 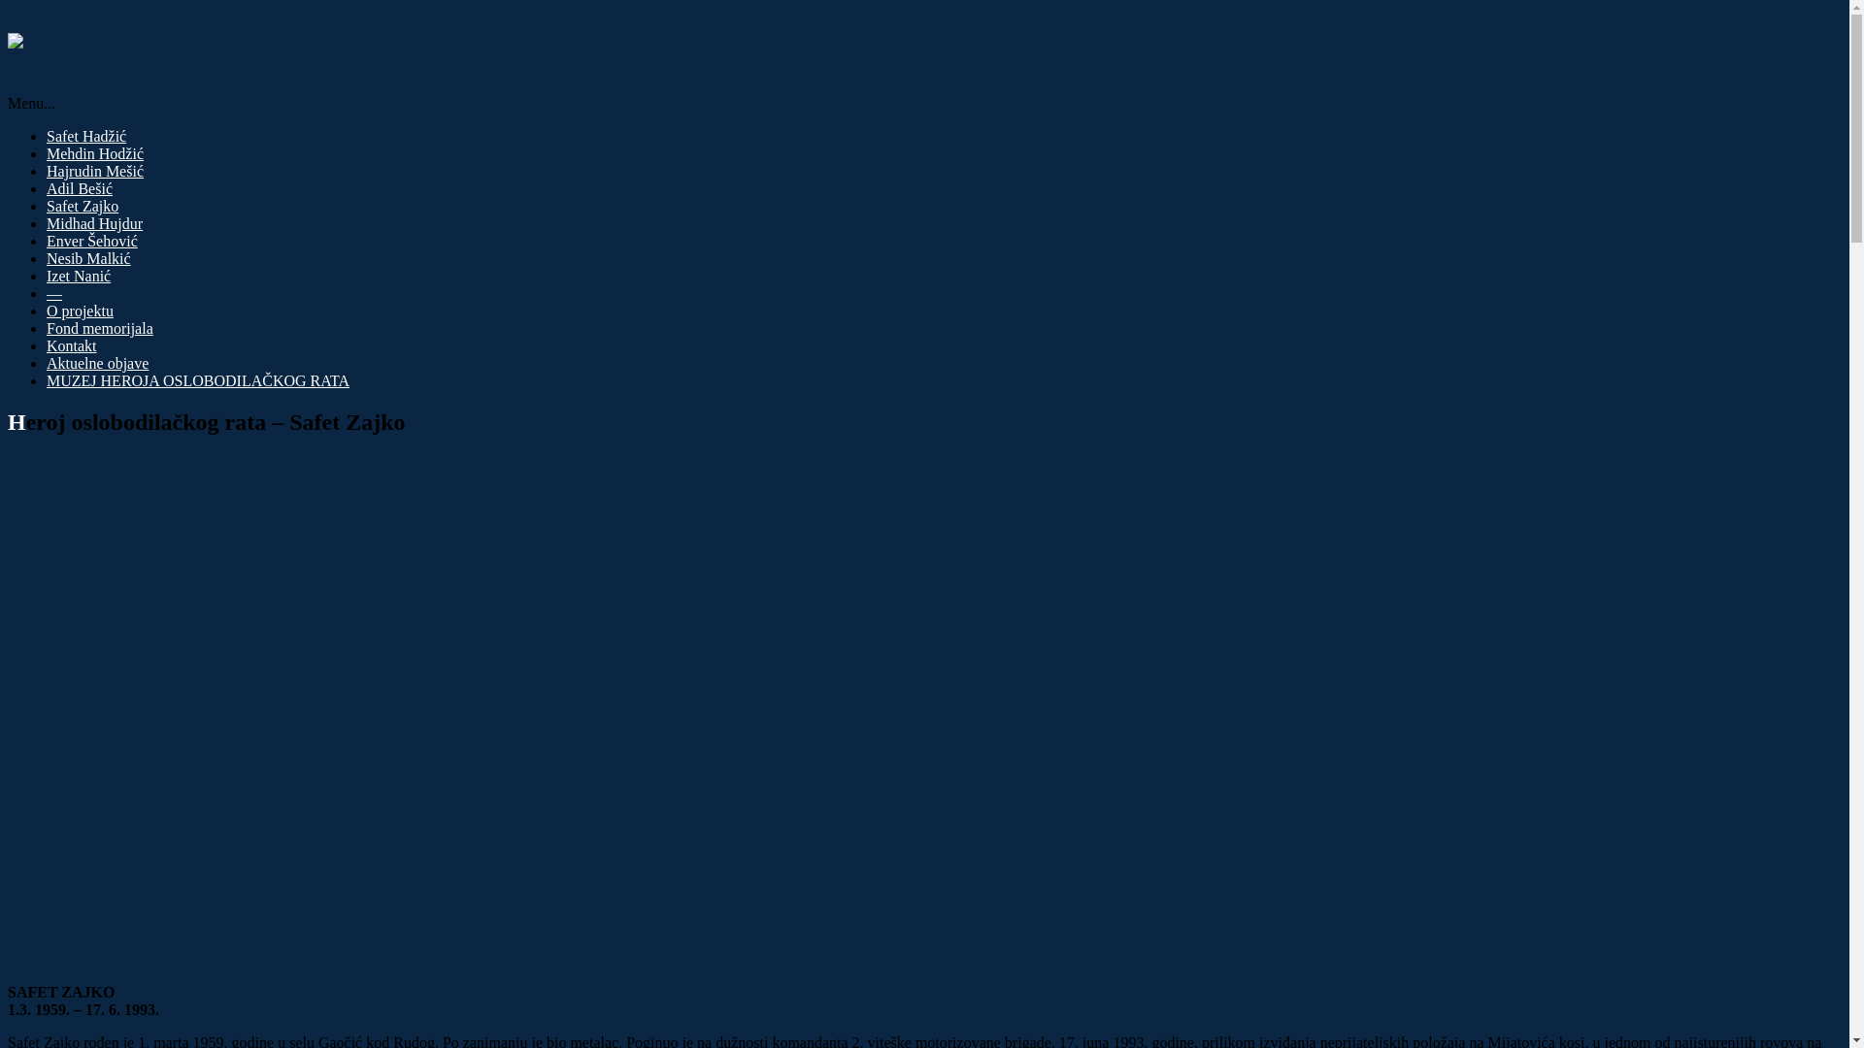 What do you see at coordinates (96, 363) in the screenshot?
I see `'Aktuelne objave'` at bounding box center [96, 363].